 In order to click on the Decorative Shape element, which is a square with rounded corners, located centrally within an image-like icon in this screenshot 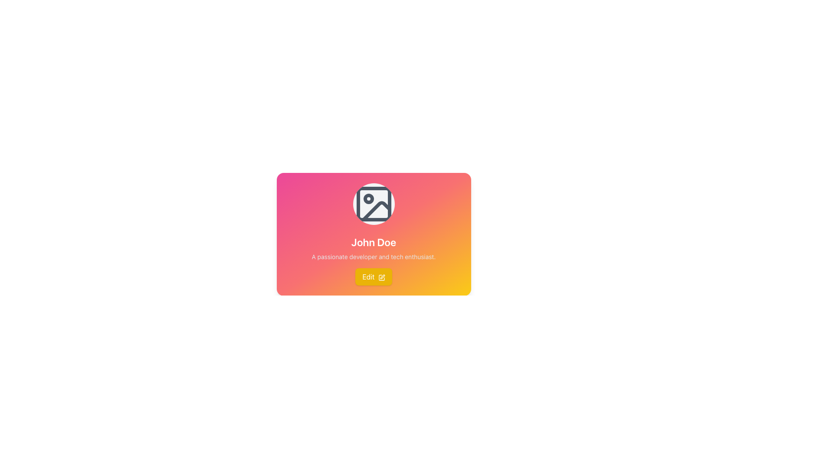, I will do `click(374, 204)`.